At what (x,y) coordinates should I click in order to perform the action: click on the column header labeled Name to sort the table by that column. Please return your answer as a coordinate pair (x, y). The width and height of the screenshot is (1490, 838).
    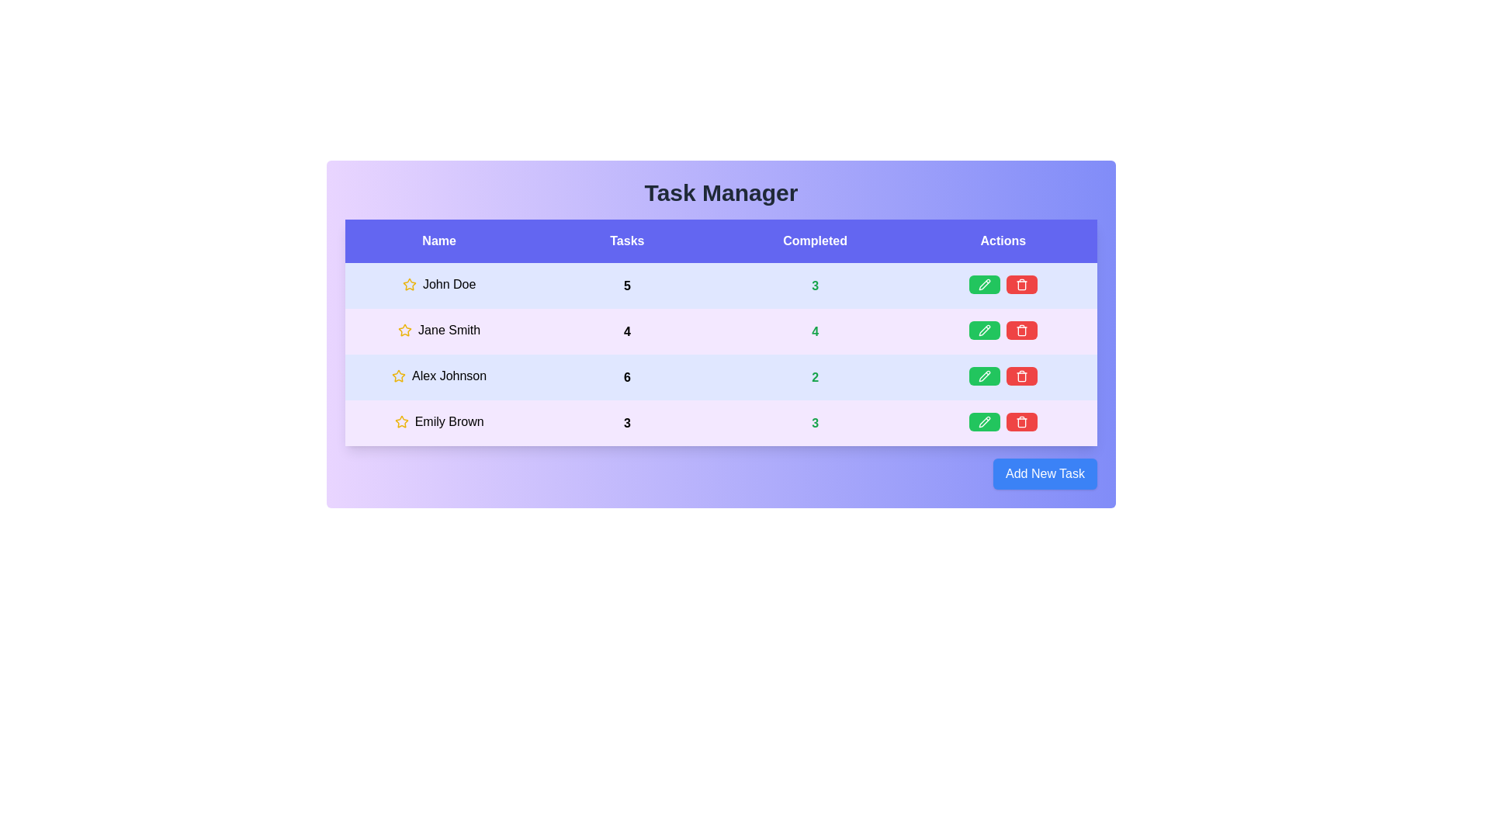
    Looking at the image, I should click on (438, 241).